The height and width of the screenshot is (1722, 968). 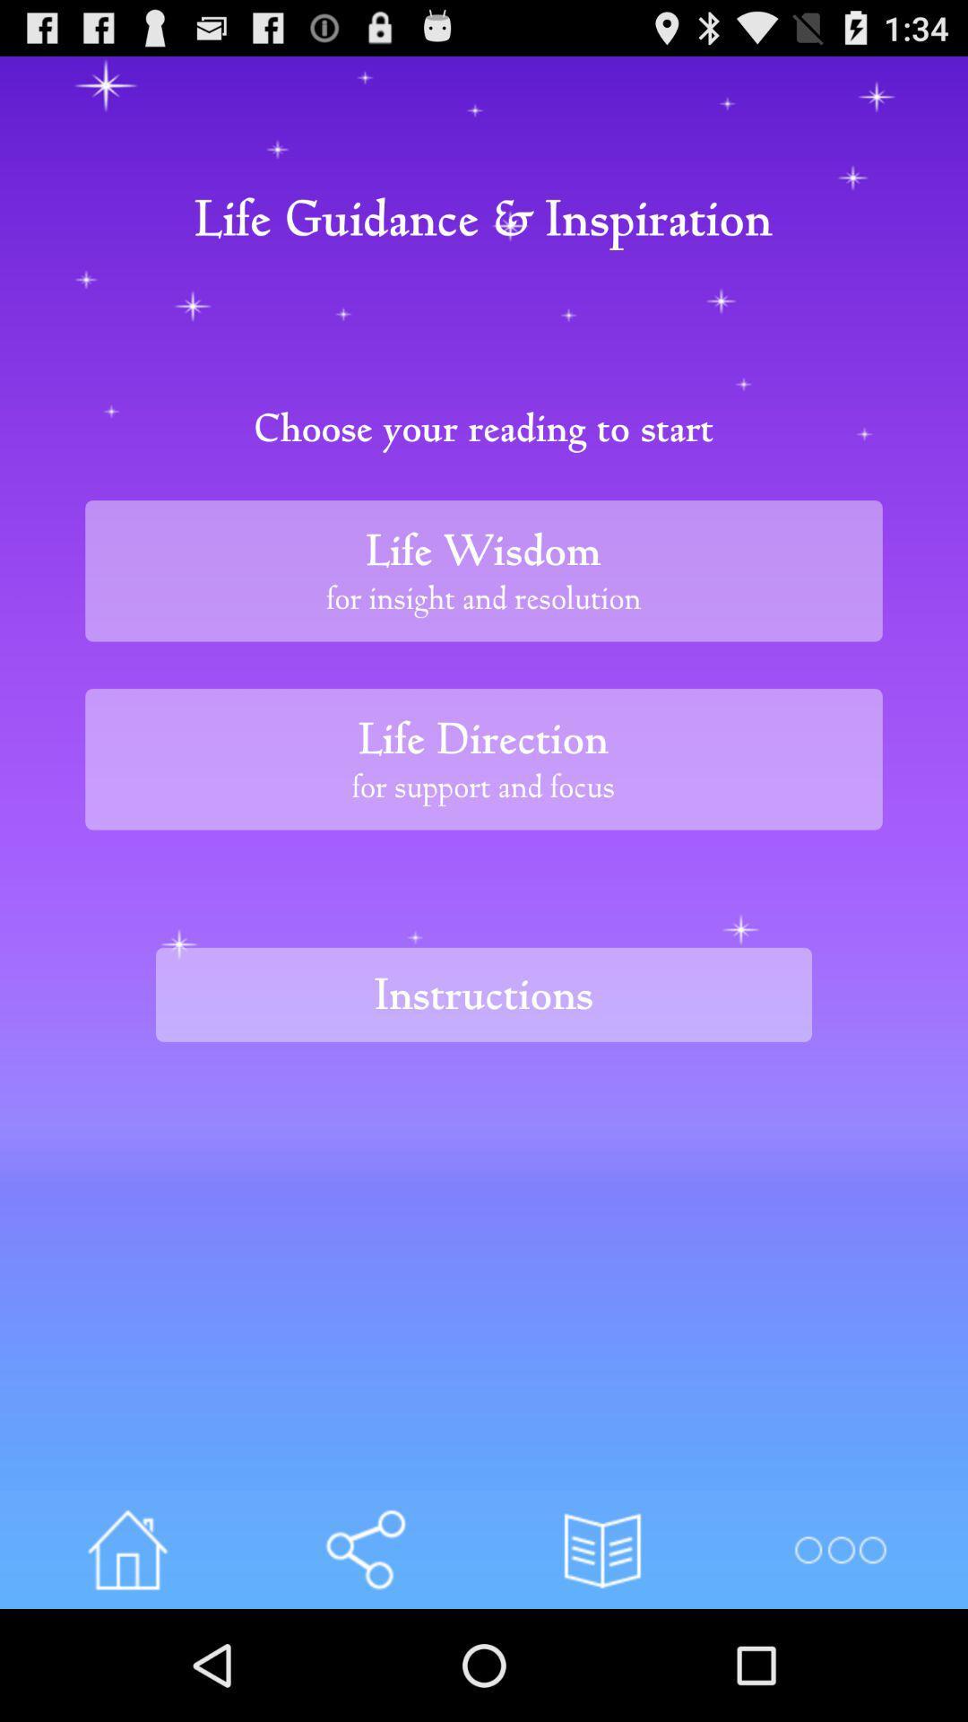 What do you see at coordinates (602, 1549) in the screenshot?
I see `open readings` at bounding box center [602, 1549].